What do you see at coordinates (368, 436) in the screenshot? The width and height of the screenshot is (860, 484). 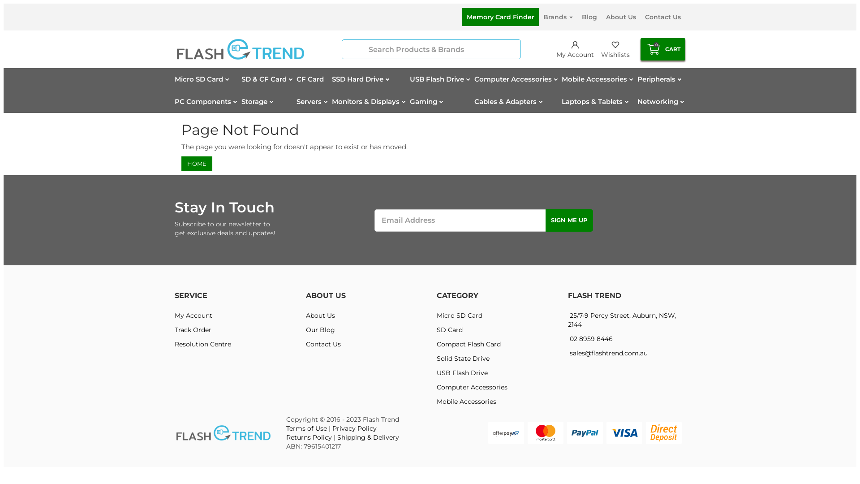 I see `'Shipping & Delivery'` at bounding box center [368, 436].